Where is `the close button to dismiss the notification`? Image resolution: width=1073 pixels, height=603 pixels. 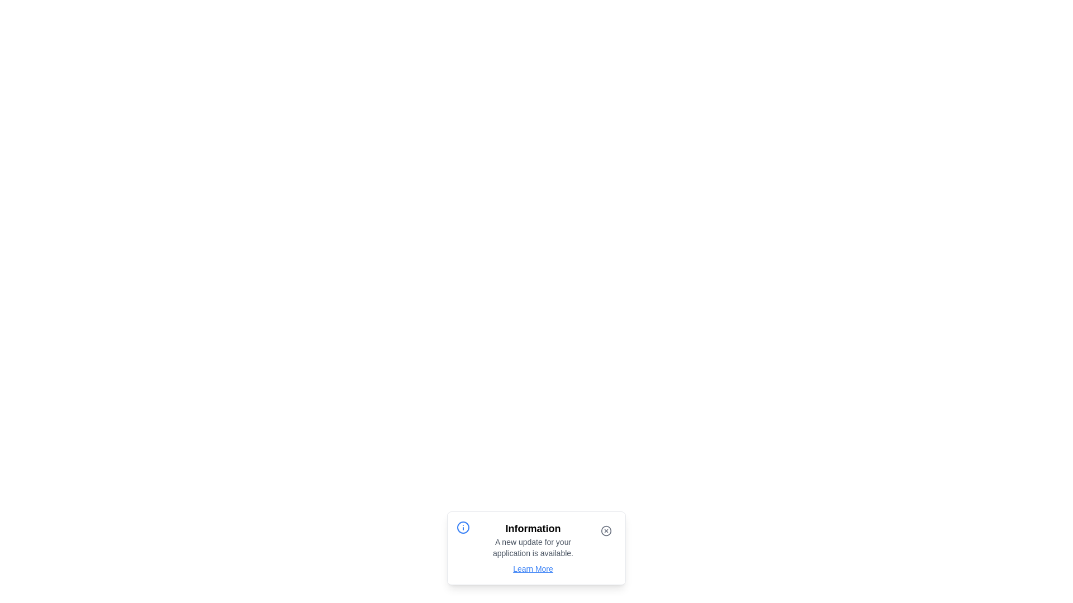 the close button to dismiss the notification is located at coordinates (605, 530).